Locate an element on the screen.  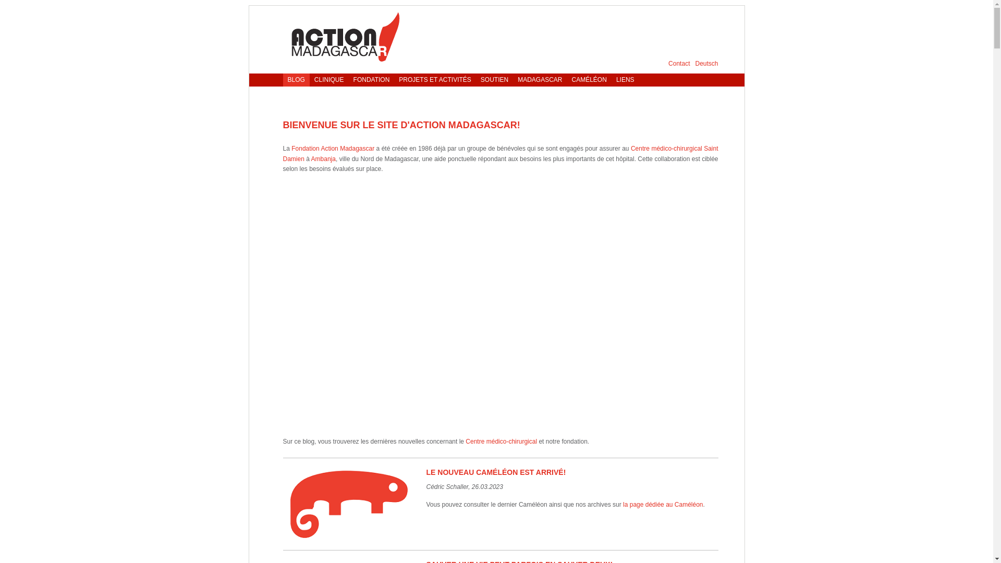
'Contact' is located at coordinates (668, 64).